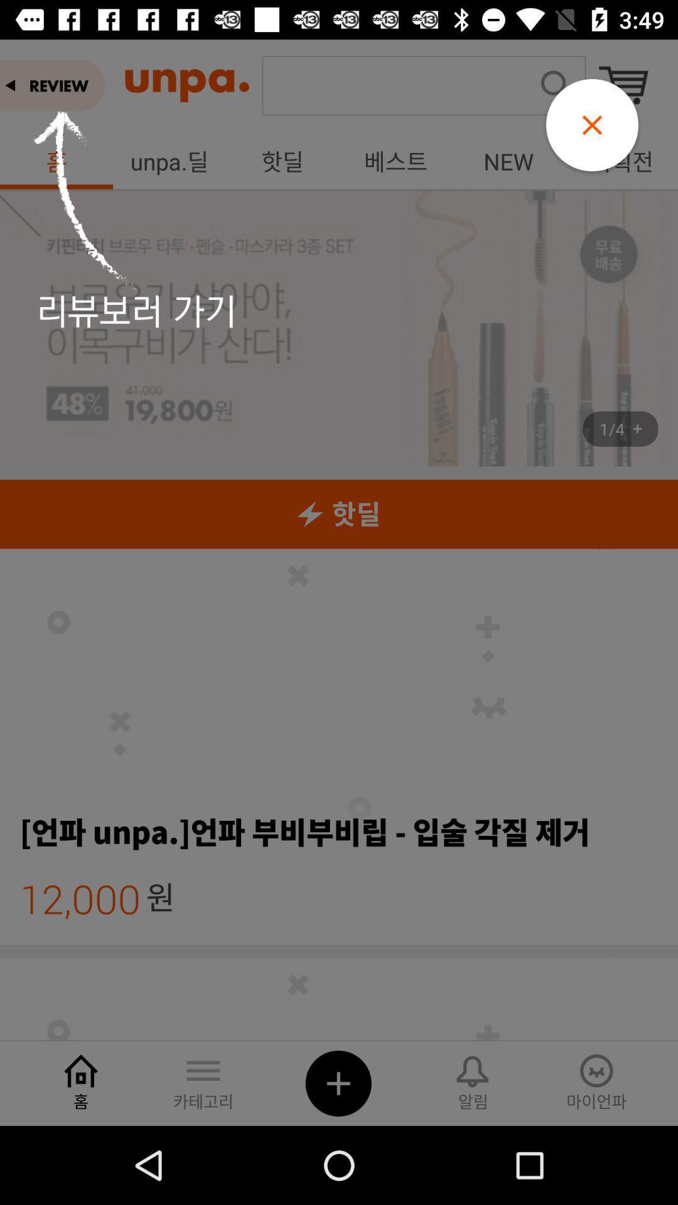 This screenshot has height=1205, width=678. I want to click on the close icon, so click(592, 125).